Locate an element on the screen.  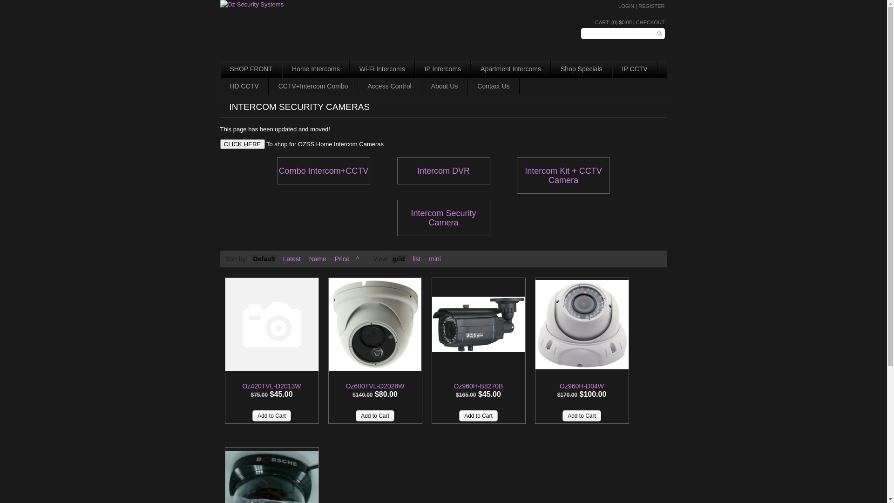
'Oz960H-D04W' is located at coordinates (559, 386).